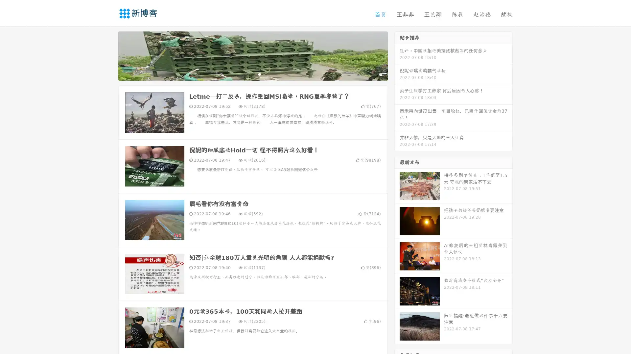 The width and height of the screenshot is (631, 354). Describe the element at coordinates (252, 74) in the screenshot. I see `Go to slide 2` at that location.